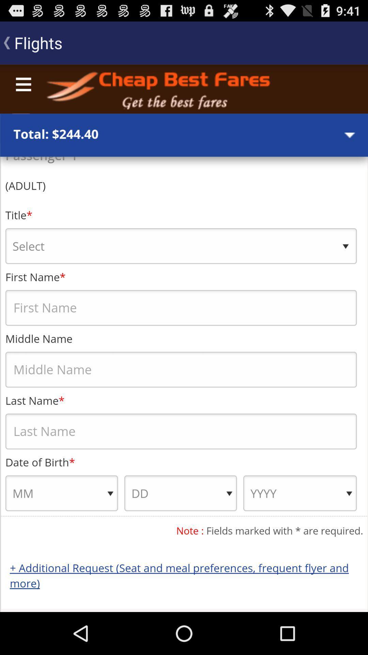  Describe the element at coordinates (184, 338) in the screenshot. I see `main window` at that location.